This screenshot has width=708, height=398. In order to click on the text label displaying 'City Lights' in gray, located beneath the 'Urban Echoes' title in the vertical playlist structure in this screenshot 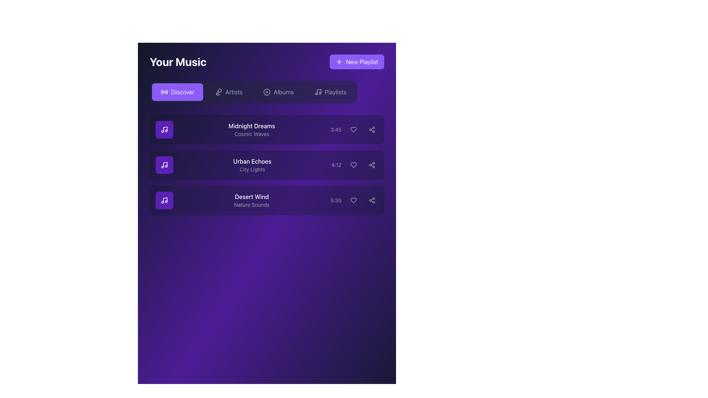, I will do `click(252, 169)`.